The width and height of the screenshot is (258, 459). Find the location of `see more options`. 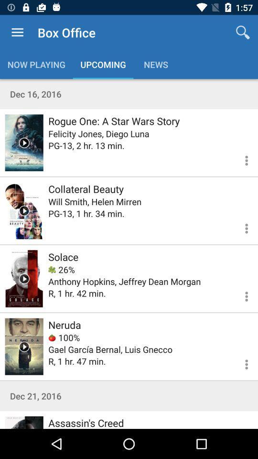

see more options is located at coordinates (240, 295).